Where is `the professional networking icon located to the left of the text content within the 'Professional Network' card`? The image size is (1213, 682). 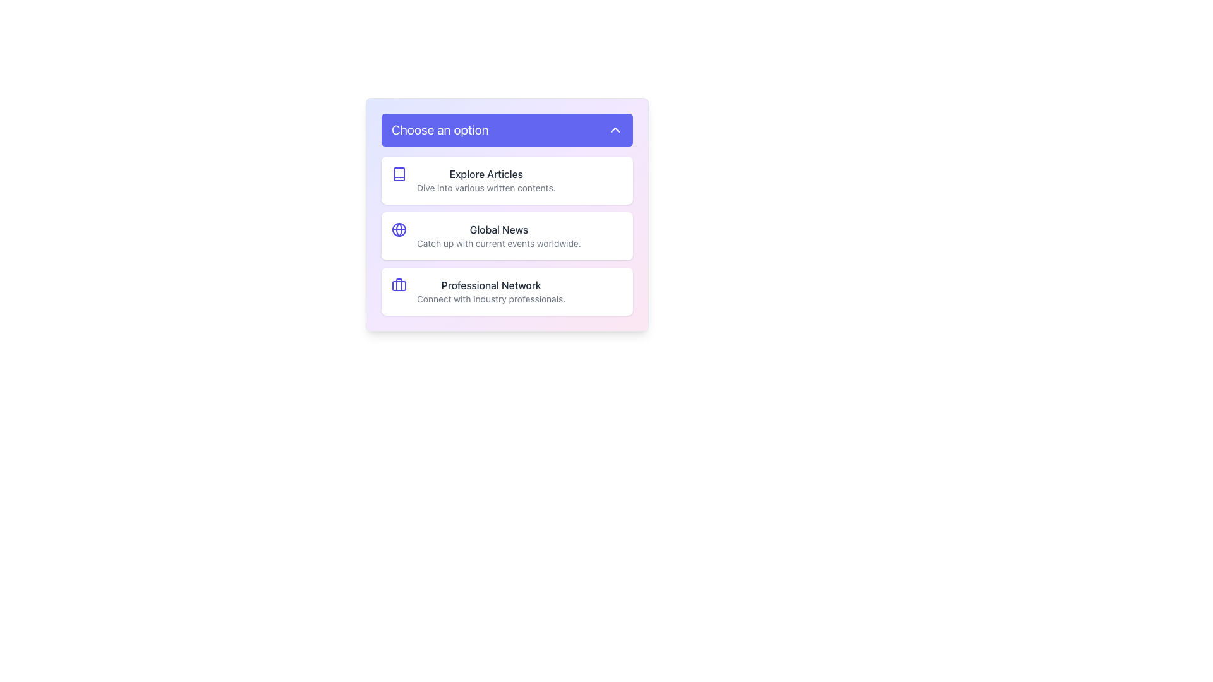 the professional networking icon located to the left of the text content within the 'Professional Network' card is located at coordinates (399, 285).